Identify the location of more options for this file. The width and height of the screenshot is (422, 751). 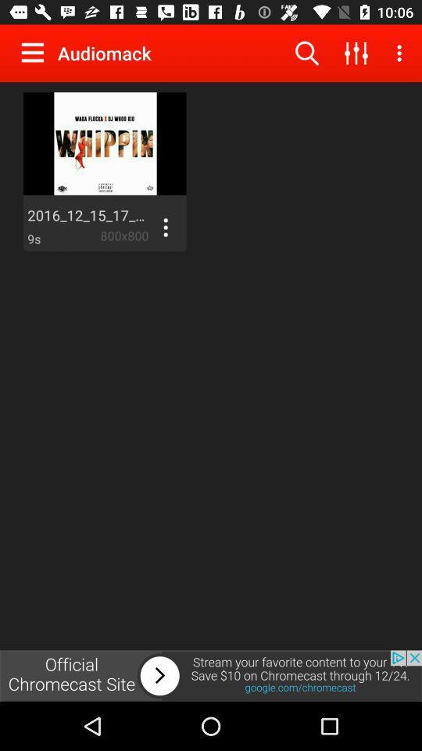
(164, 226).